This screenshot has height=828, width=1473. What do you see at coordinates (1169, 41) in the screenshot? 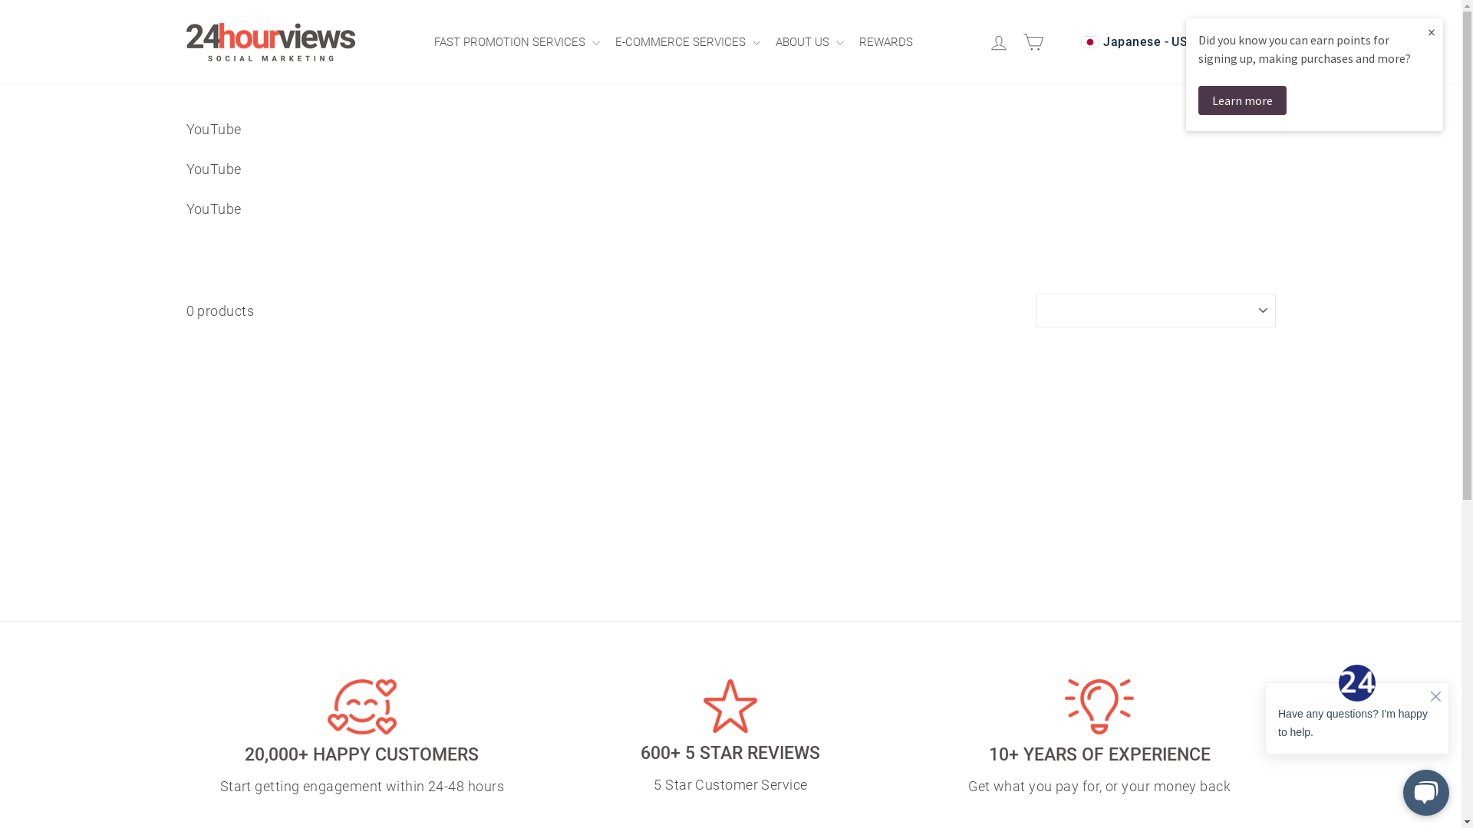
I see `'Japanese` at bounding box center [1169, 41].